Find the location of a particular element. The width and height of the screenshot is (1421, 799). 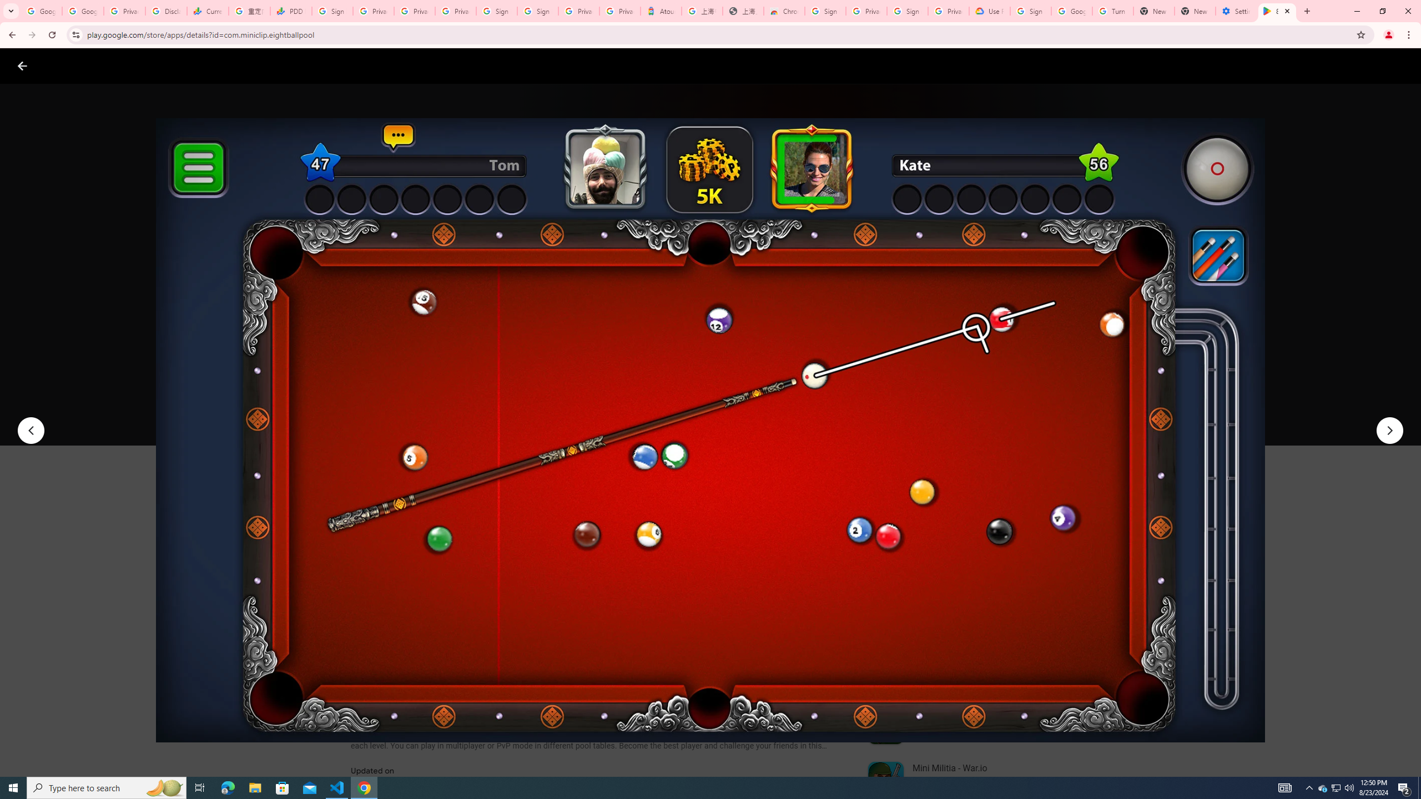

'Settings - System' is located at coordinates (1236, 11).